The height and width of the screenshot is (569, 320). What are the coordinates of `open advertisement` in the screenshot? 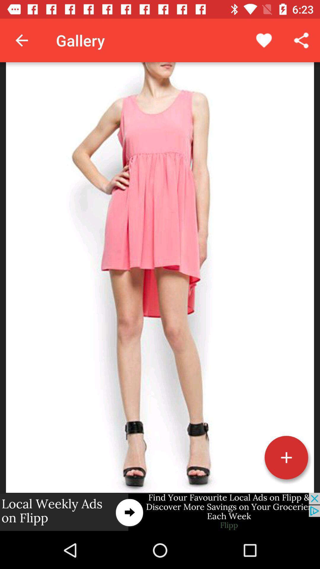 It's located at (160, 512).